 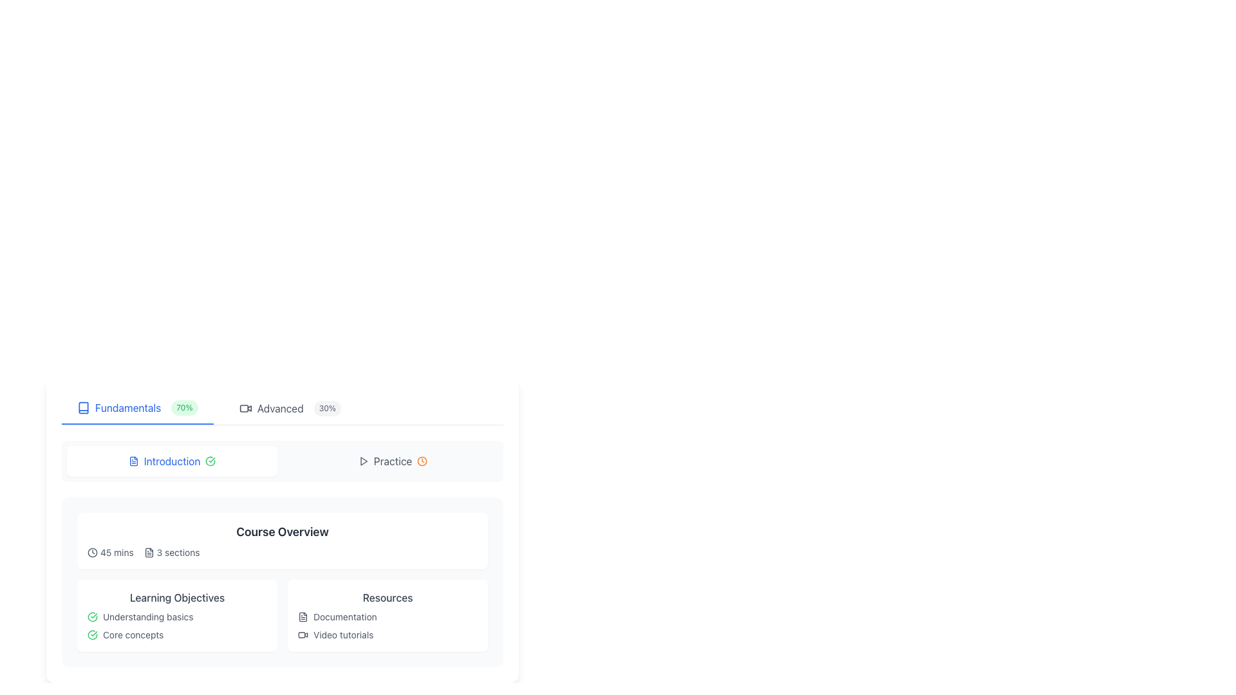 What do you see at coordinates (387, 635) in the screenshot?
I see `the 'Video tutorials' text label located` at bounding box center [387, 635].